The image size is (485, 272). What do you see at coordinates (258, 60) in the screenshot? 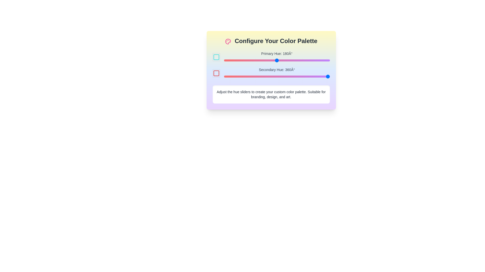
I see `the primary hue slider to 115 degrees` at bounding box center [258, 60].